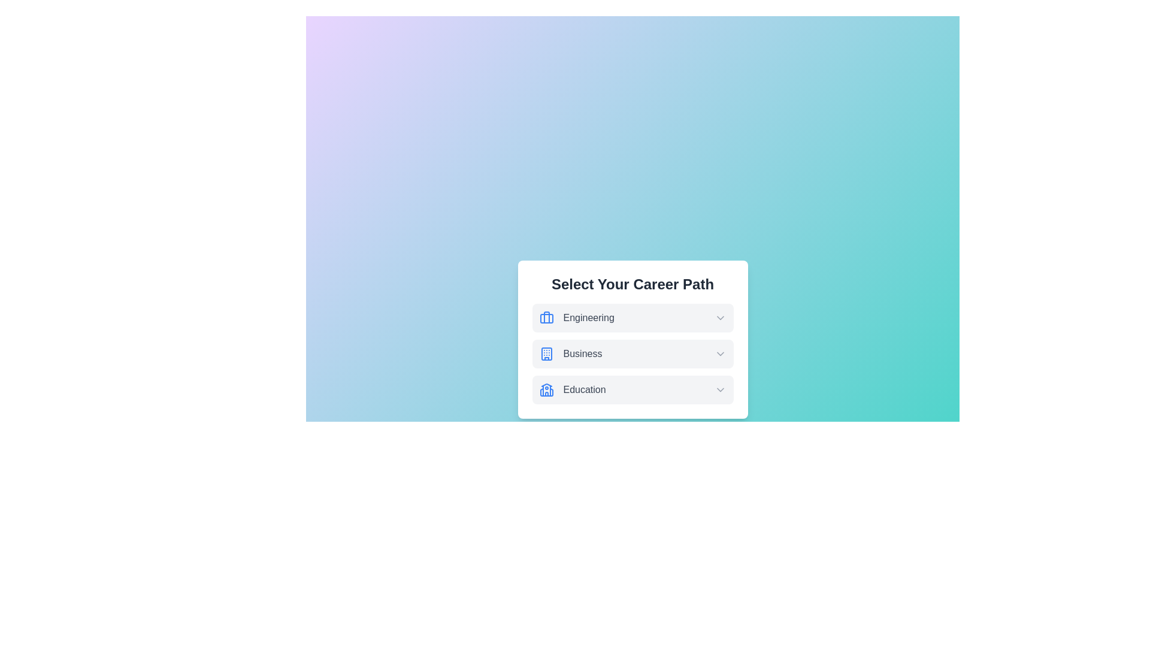 This screenshot has height=647, width=1150. I want to click on the career option Education from the dialog, so click(632, 390).